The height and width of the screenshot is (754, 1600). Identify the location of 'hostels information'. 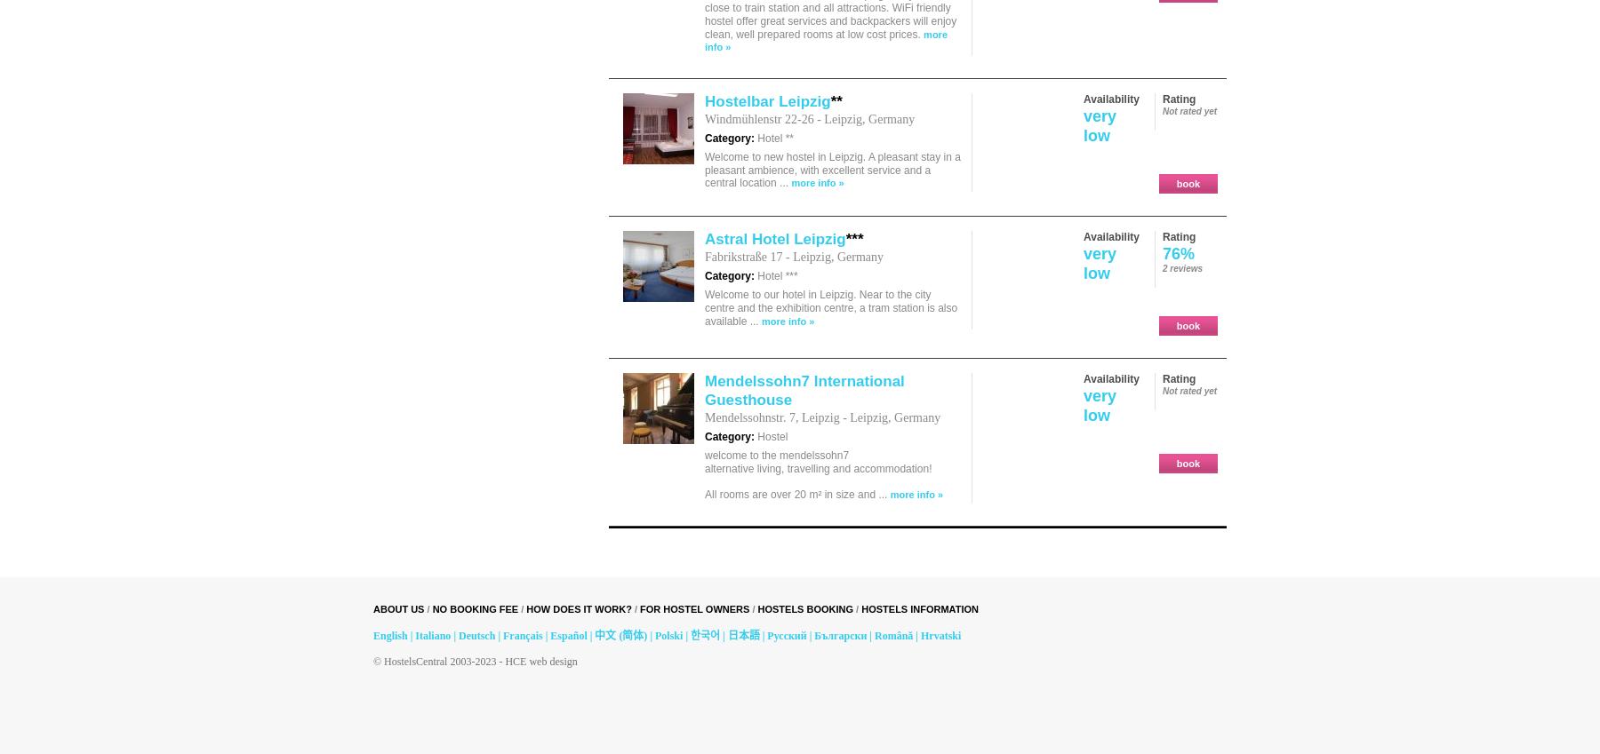
(920, 607).